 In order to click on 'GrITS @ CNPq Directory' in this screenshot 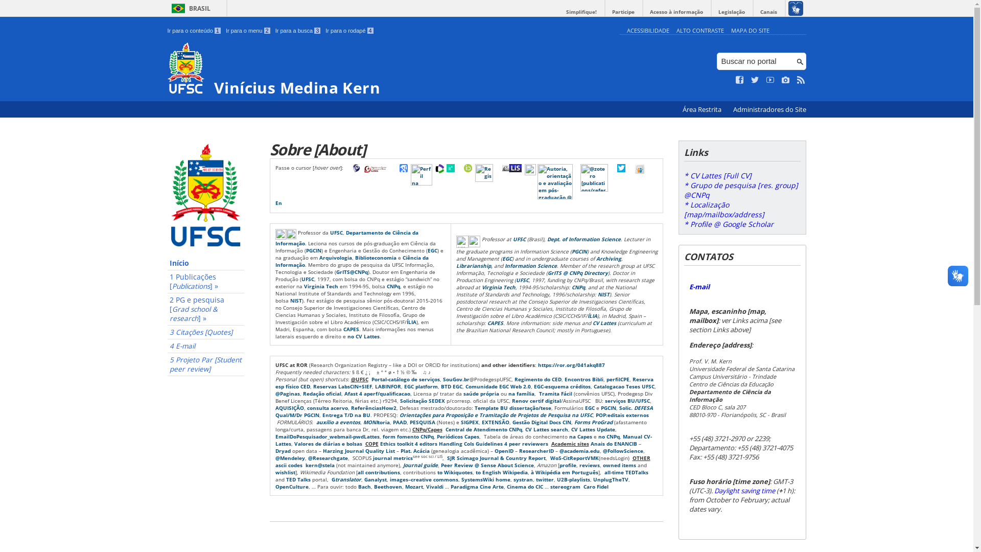, I will do `click(578, 271)`.